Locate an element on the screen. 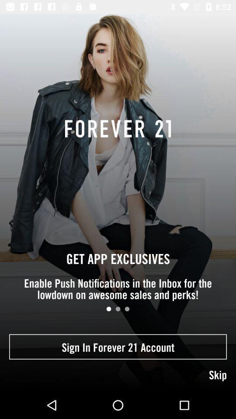 The width and height of the screenshot is (236, 419). the skip icon is located at coordinates (118, 375).